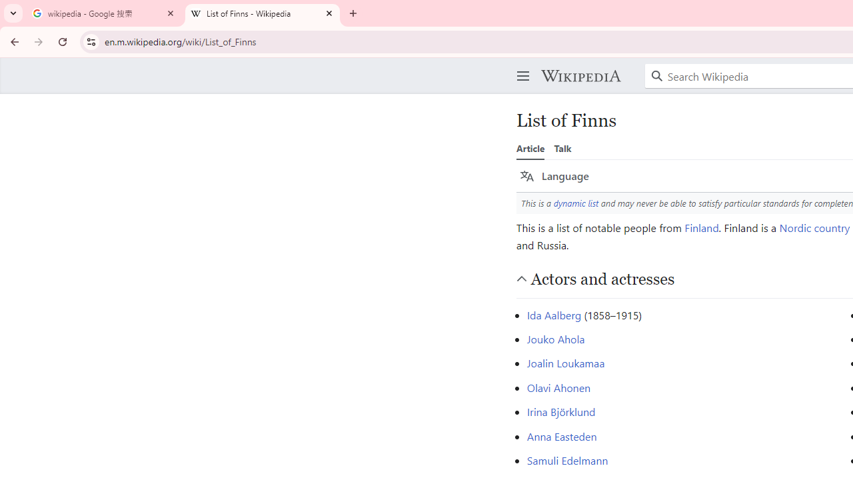  Describe the element at coordinates (554, 314) in the screenshot. I see `'Ida Aalberg'` at that location.